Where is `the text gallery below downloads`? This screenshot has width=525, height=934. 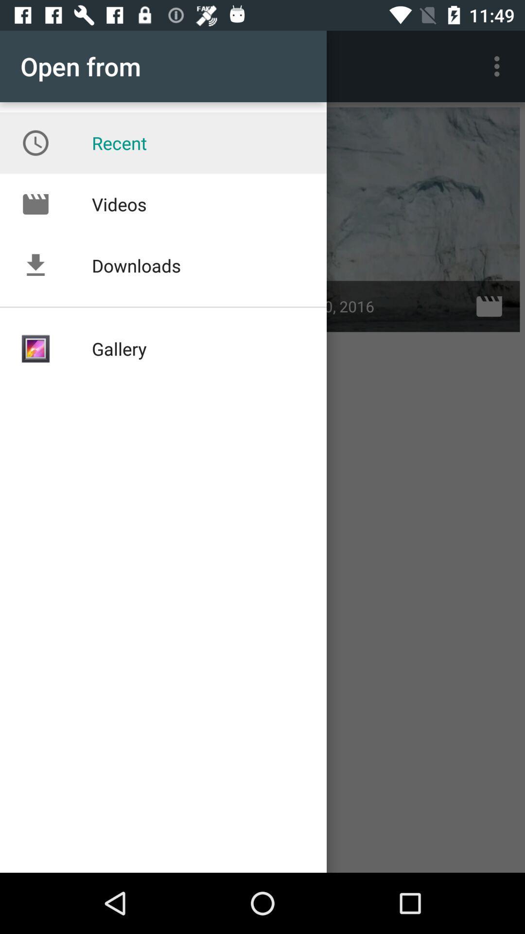 the text gallery below downloads is located at coordinates (133, 449).